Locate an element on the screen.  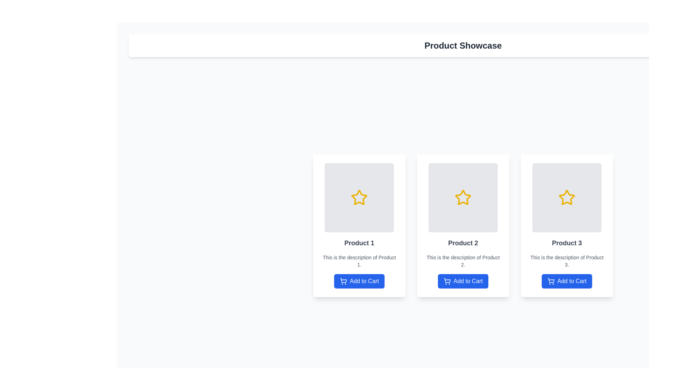
the shopping cart icon, which is part of the 'Add to Cart' button in the second product card of a horizontally aligned group of three products is located at coordinates (447, 280).